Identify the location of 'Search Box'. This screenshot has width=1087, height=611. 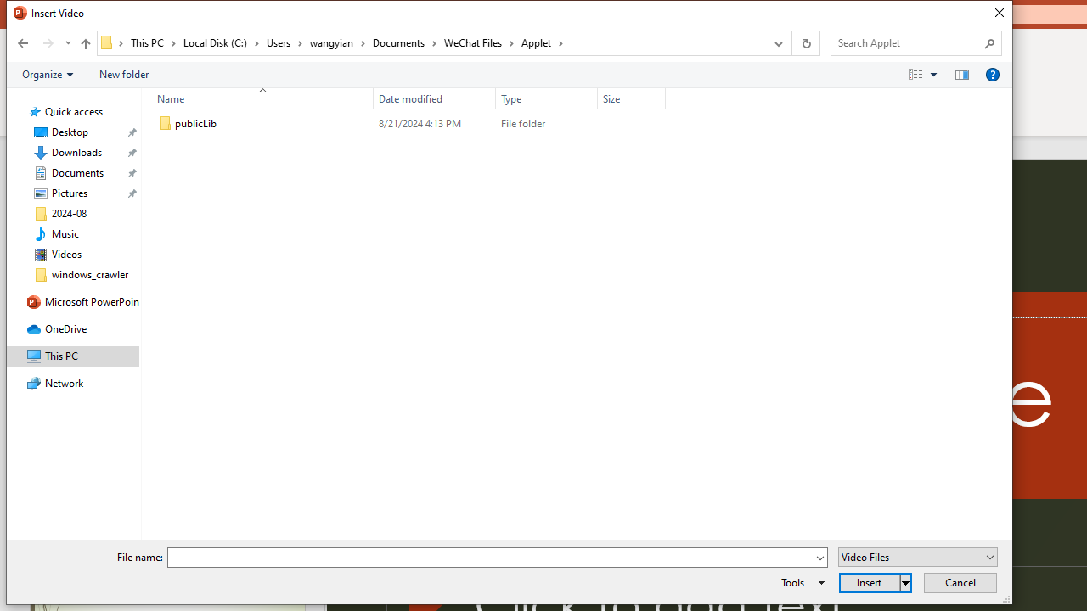
(907, 42).